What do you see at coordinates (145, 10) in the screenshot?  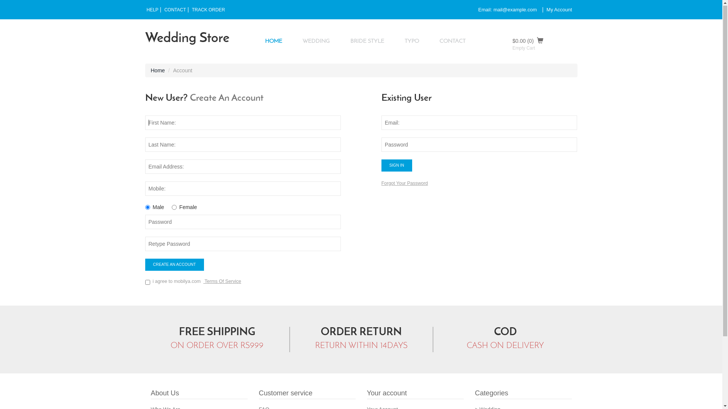 I see `'HELP'` at bounding box center [145, 10].